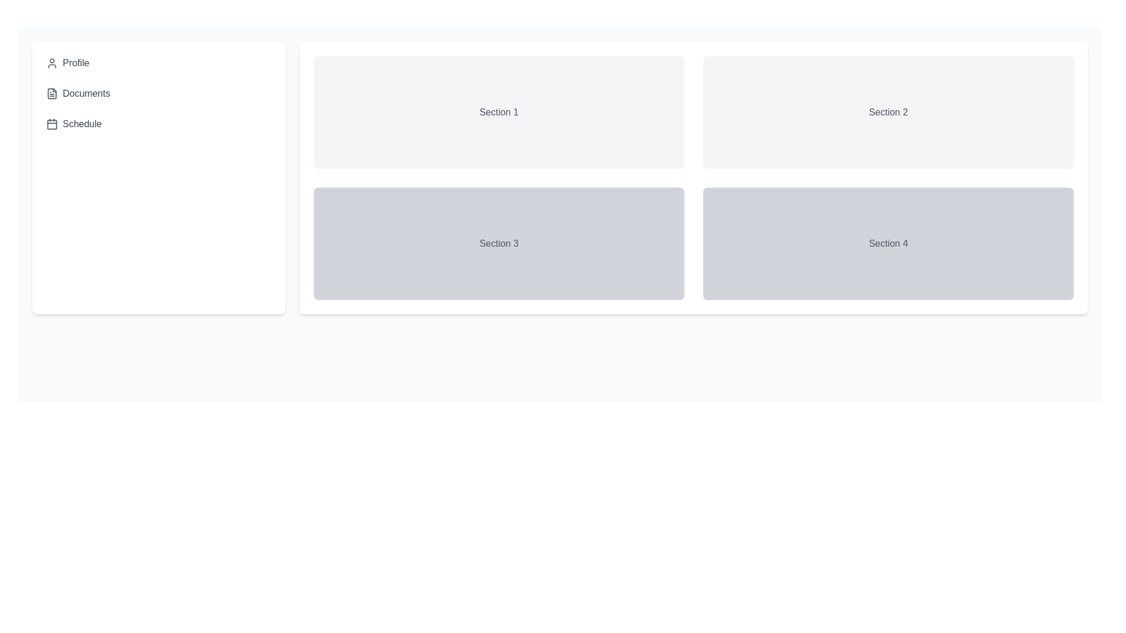 This screenshot has width=1126, height=633. What do you see at coordinates (158, 93) in the screenshot?
I see `the 'Documents' menu item, which is the second item in the left sidebar, to change its background color` at bounding box center [158, 93].